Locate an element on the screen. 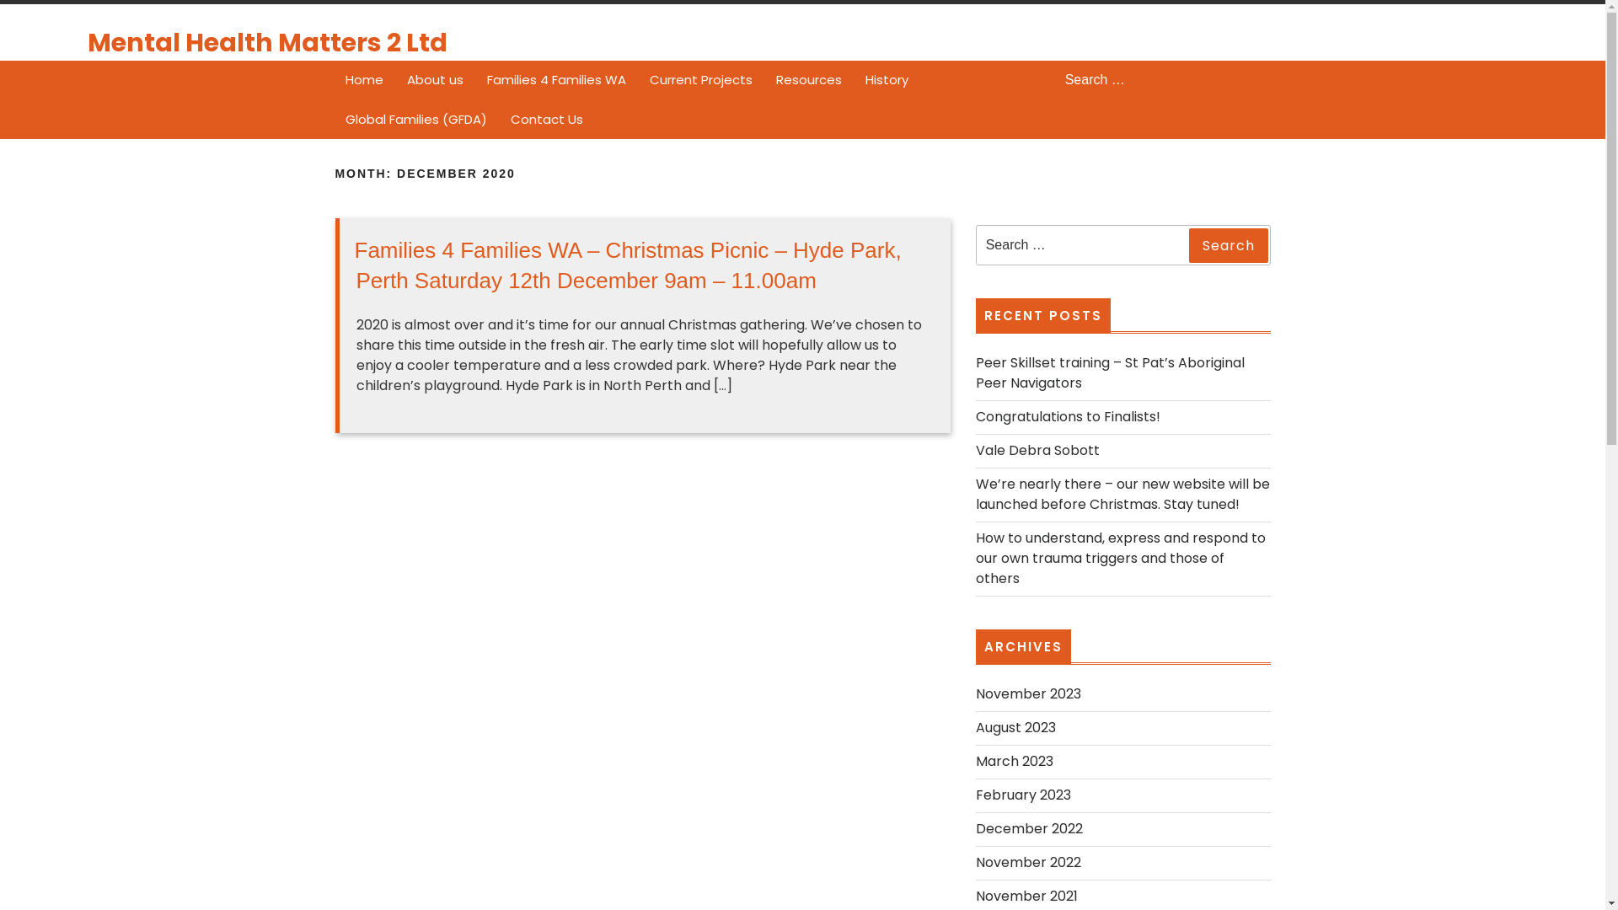  'Congratulations to Finalists!' is located at coordinates (1067, 416).